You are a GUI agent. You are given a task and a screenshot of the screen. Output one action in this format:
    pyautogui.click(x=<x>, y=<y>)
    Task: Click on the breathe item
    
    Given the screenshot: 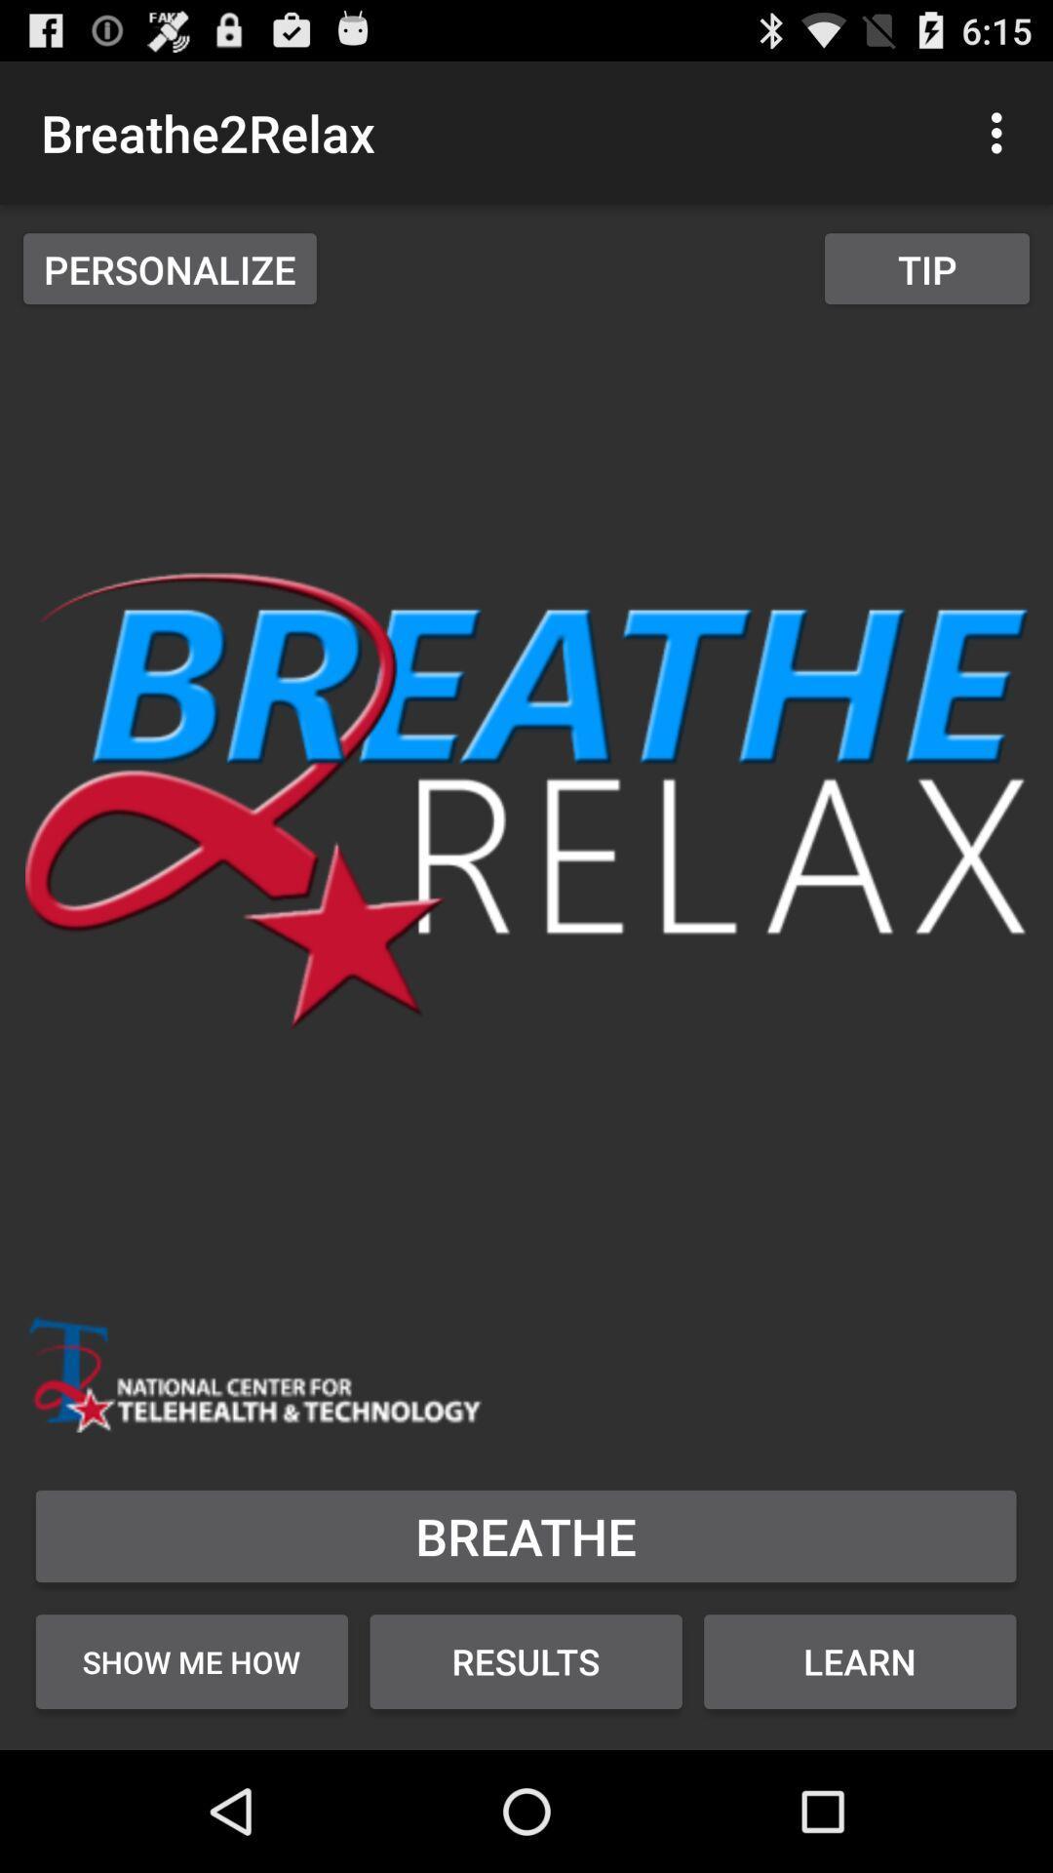 What is the action you would take?
    pyautogui.click(x=525, y=1534)
    